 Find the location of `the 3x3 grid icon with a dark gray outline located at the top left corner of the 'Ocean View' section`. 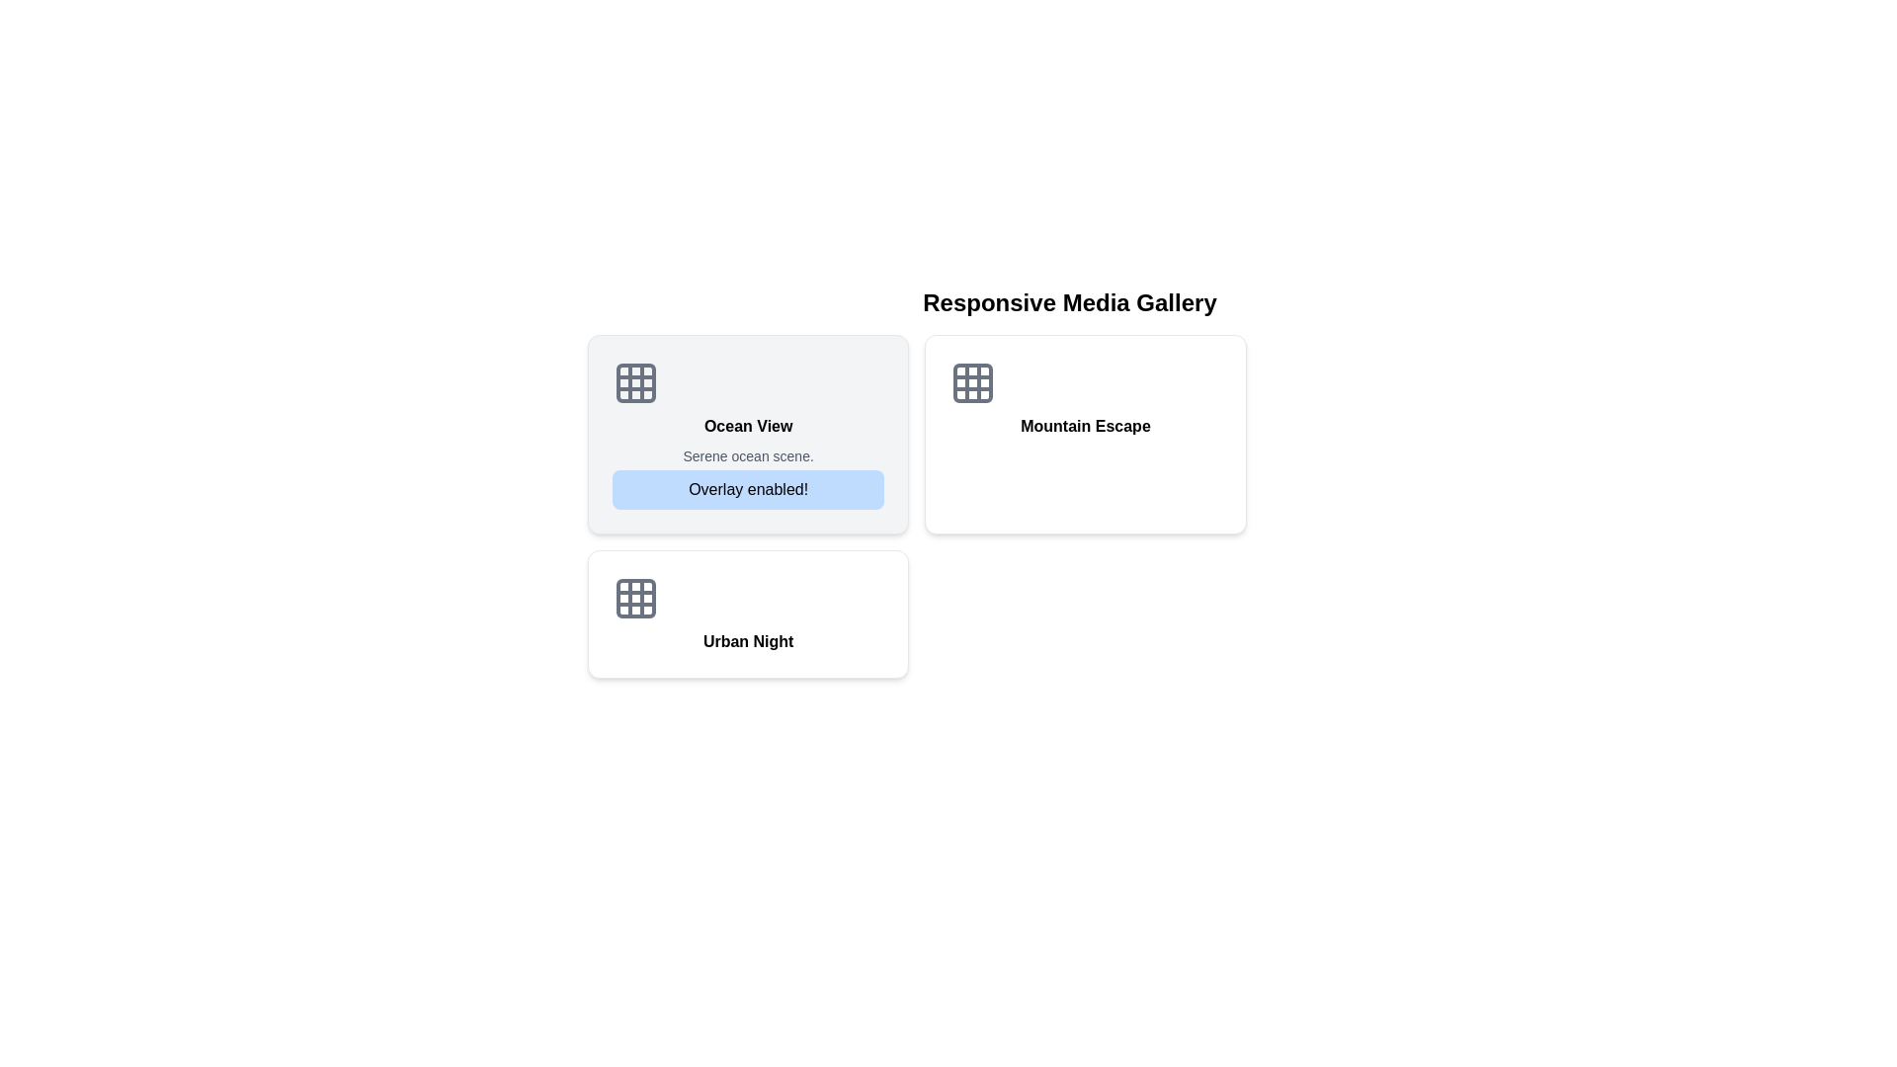

the 3x3 grid icon with a dark gray outline located at the top left corner of the 'Ocean View' section is located at coordinates (635, 383).